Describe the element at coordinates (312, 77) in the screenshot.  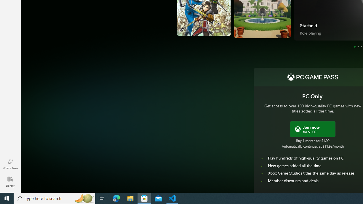
I see `'PC Game Pass logo'` at that location.